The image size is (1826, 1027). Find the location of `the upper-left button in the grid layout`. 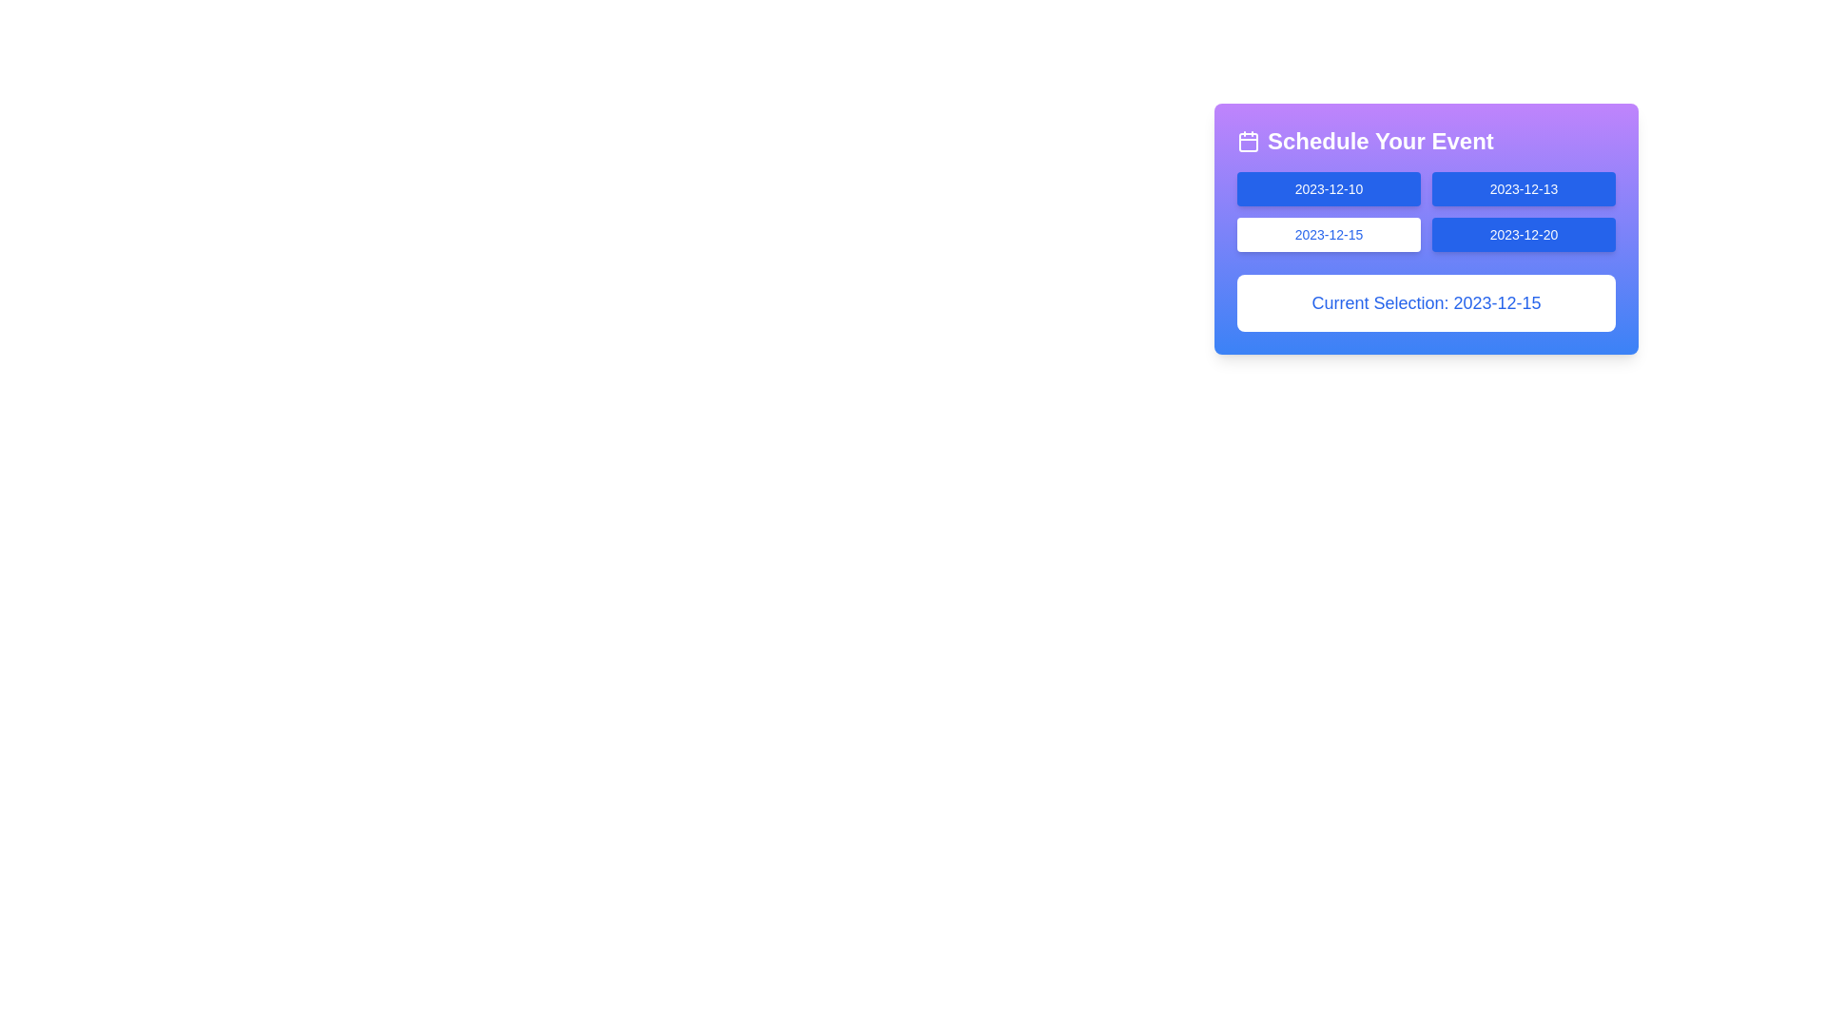

the upper-left button in the grid layout is located at coordinates (1328, 189).